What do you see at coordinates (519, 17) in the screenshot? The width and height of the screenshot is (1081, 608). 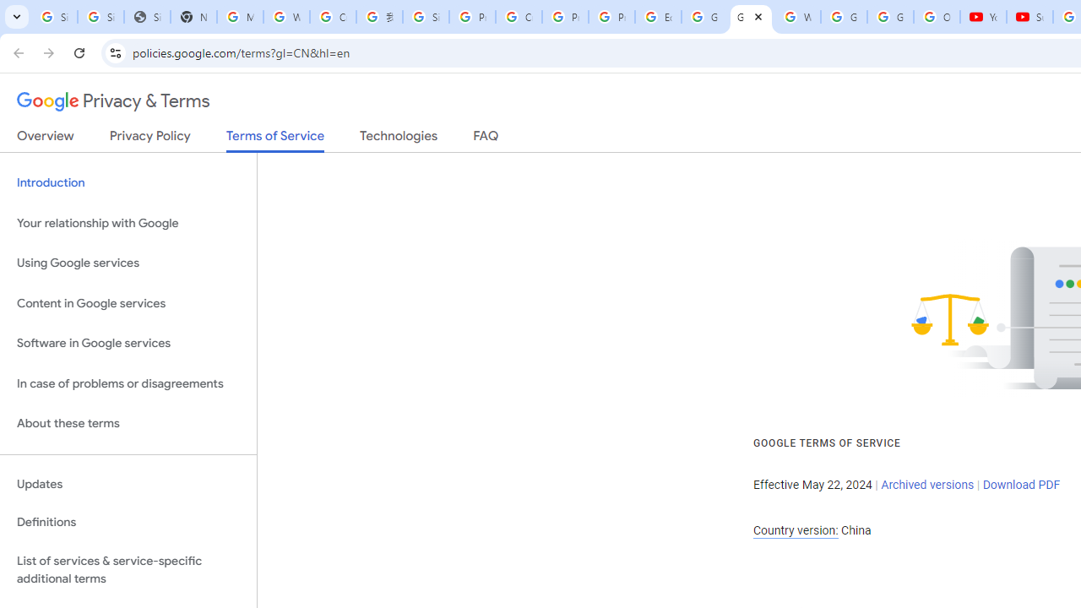 I see `'Create your Google Account'` at bounding box center [519, 17].